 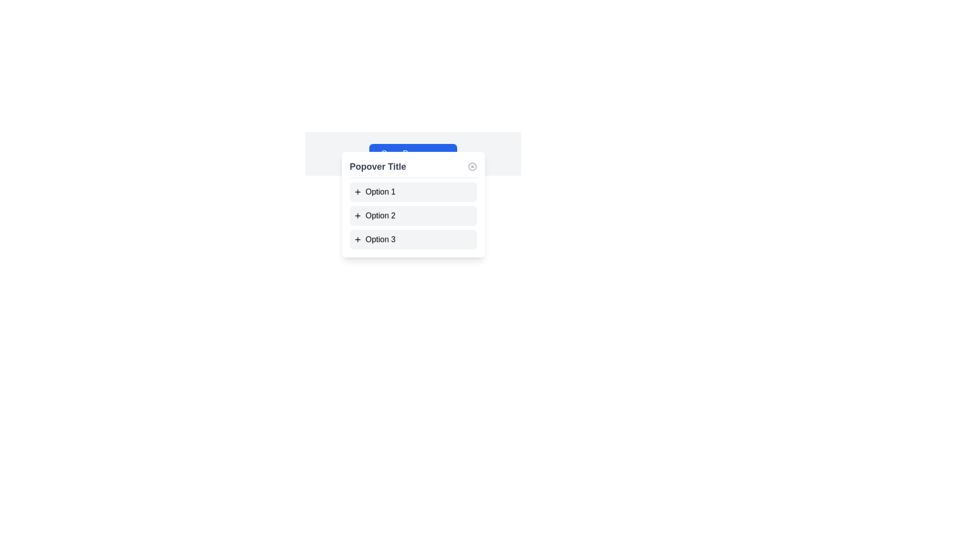 I want to click on the second selectable list item in the popover component, so click(x=413, y=215).